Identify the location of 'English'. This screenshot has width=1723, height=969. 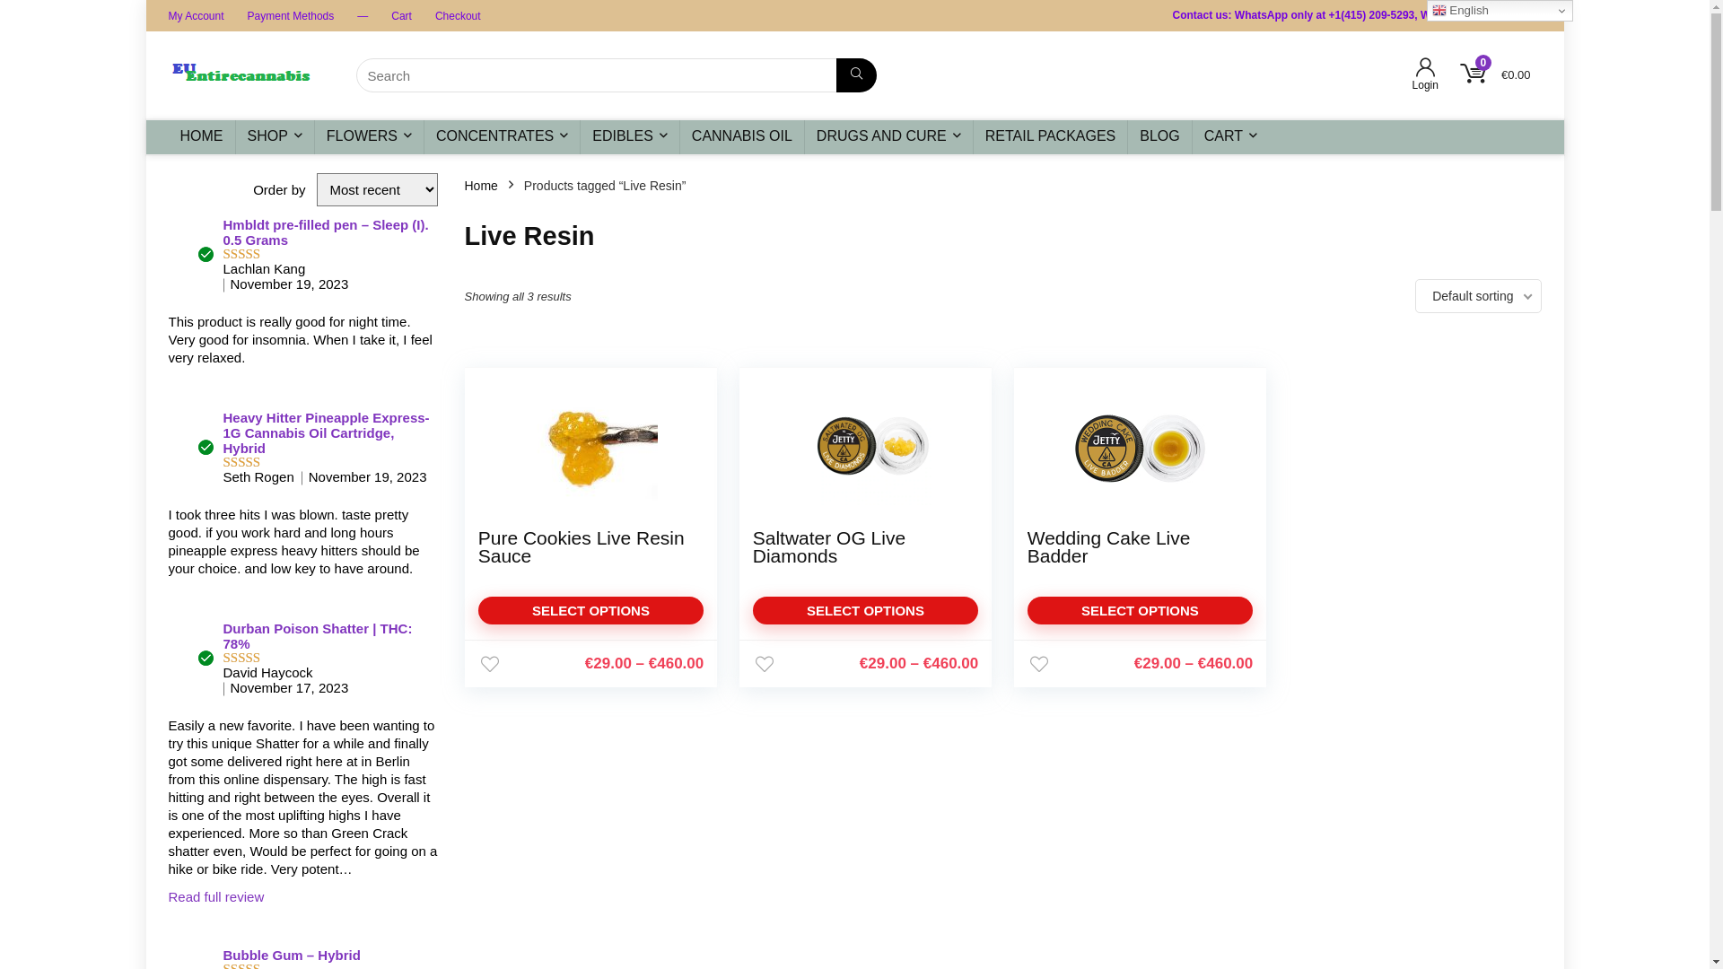
(1500, 10).